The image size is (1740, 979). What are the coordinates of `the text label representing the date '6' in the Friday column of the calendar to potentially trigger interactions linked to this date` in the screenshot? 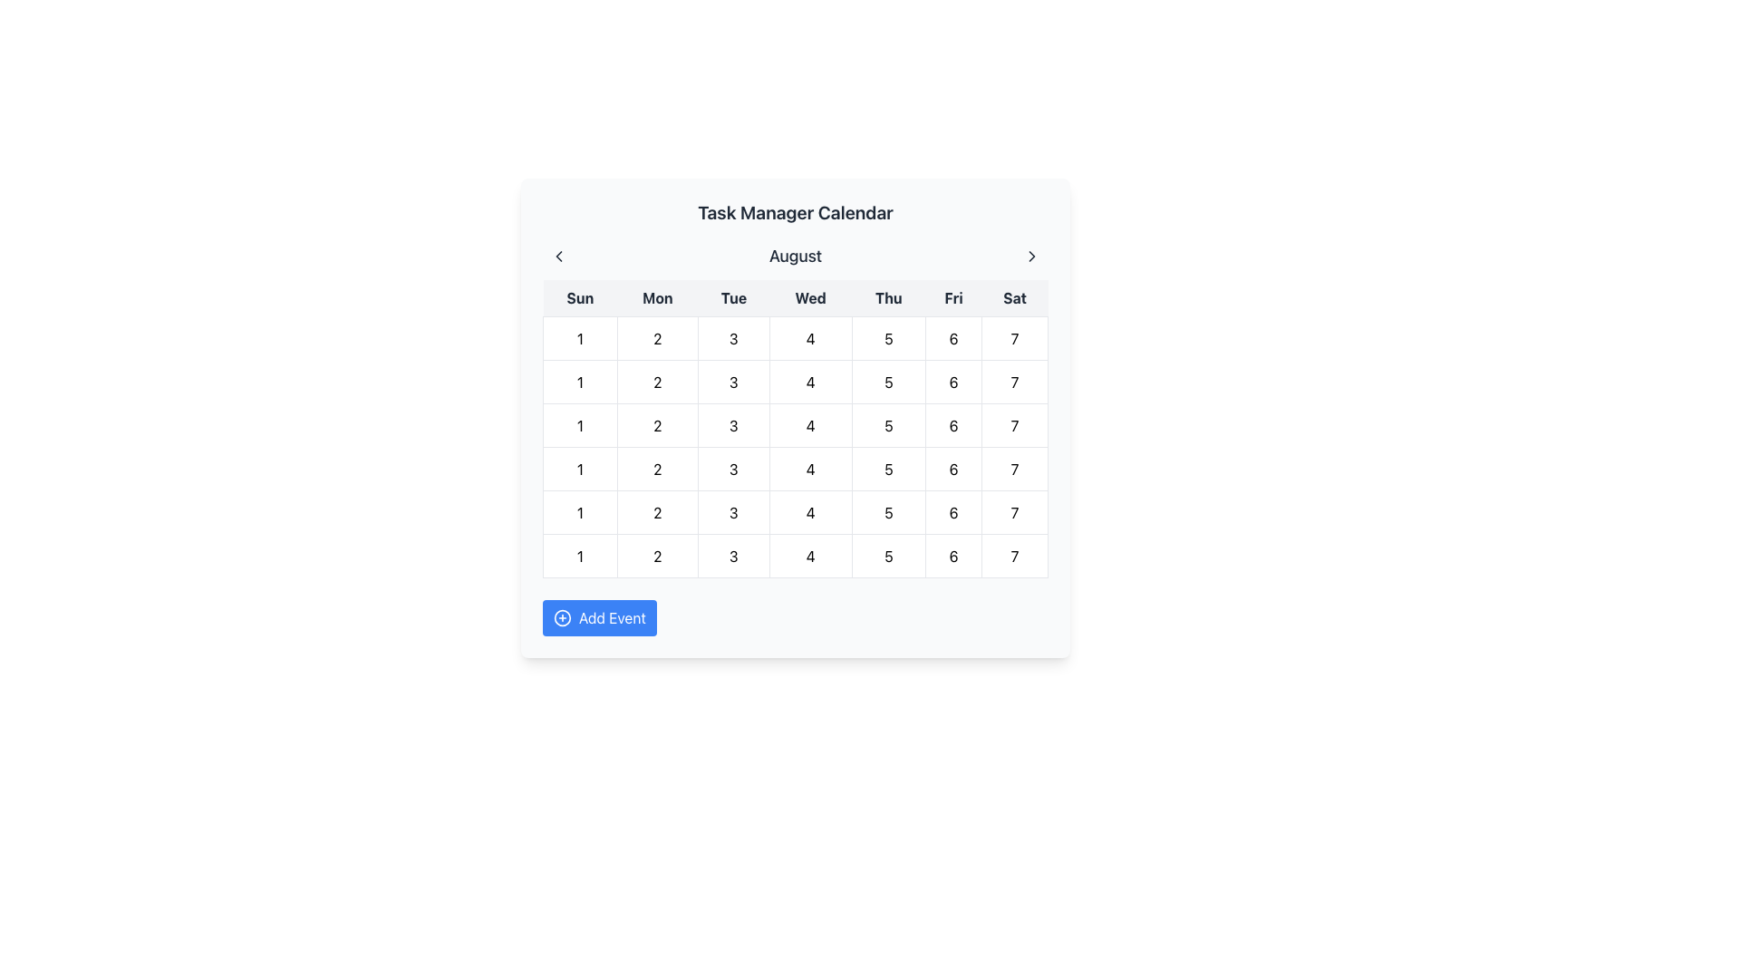 It's located at (952, 468).